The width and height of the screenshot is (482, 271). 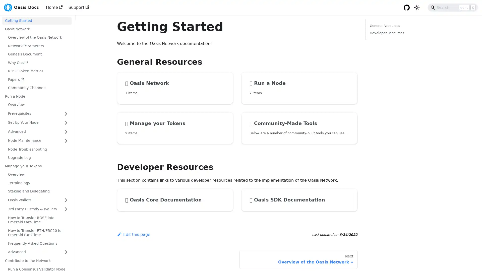 I want to click on Toggle the collapsible sidebar category 'Oasis Wallets', so click(x=66, y=200).